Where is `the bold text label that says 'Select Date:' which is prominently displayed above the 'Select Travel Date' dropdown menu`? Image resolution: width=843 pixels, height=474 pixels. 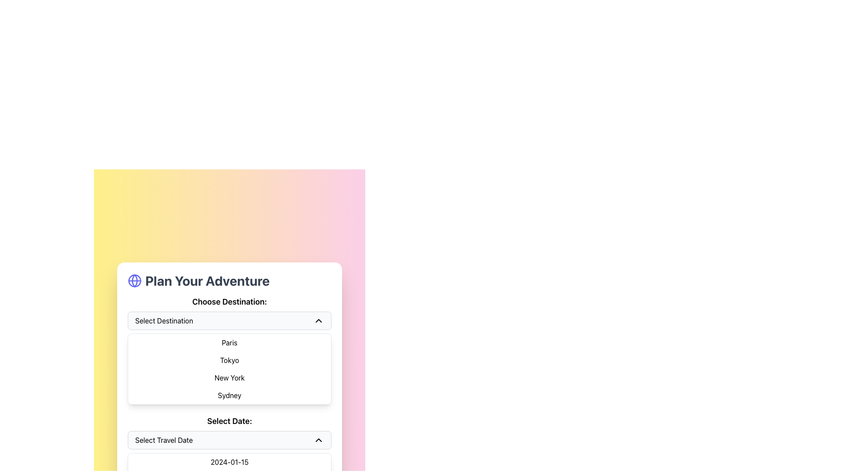 the bold text label that says 'Select Date:' which is prominently displayed above the 'Select Travel Date' dropdown menu is located at coordinates (230, 421).